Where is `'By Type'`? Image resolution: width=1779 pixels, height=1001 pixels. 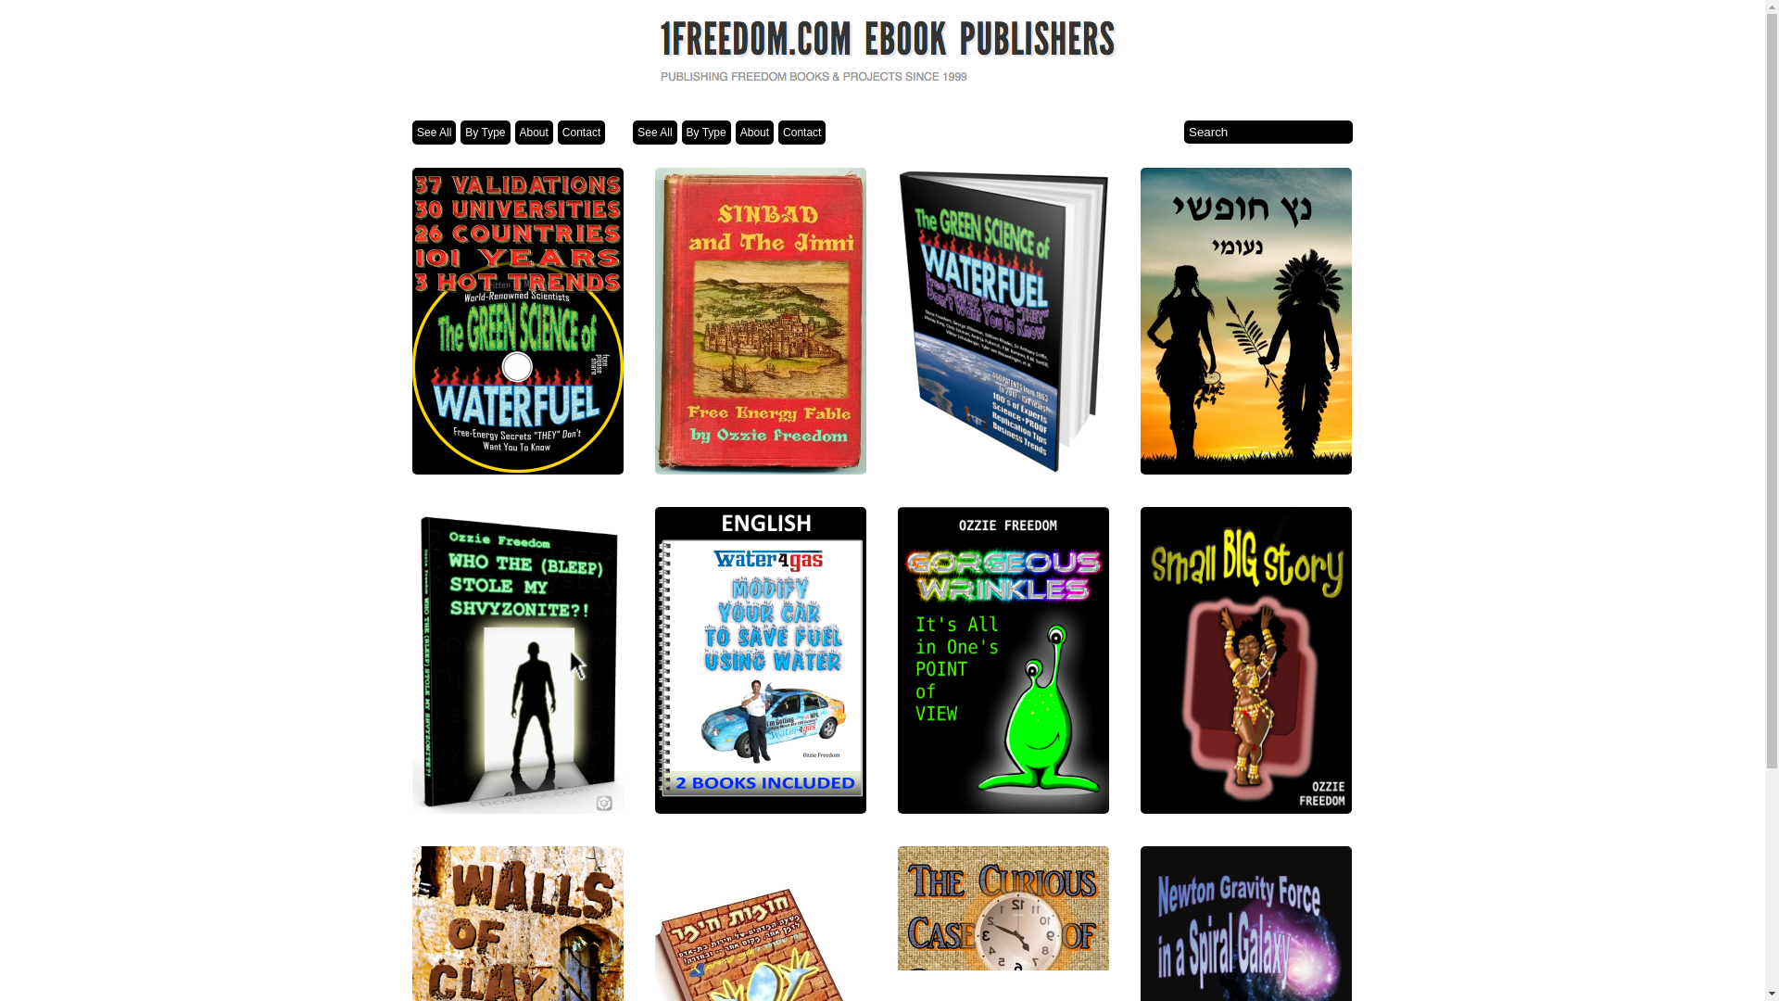
'By Type' is located at coordinates (485, 131).